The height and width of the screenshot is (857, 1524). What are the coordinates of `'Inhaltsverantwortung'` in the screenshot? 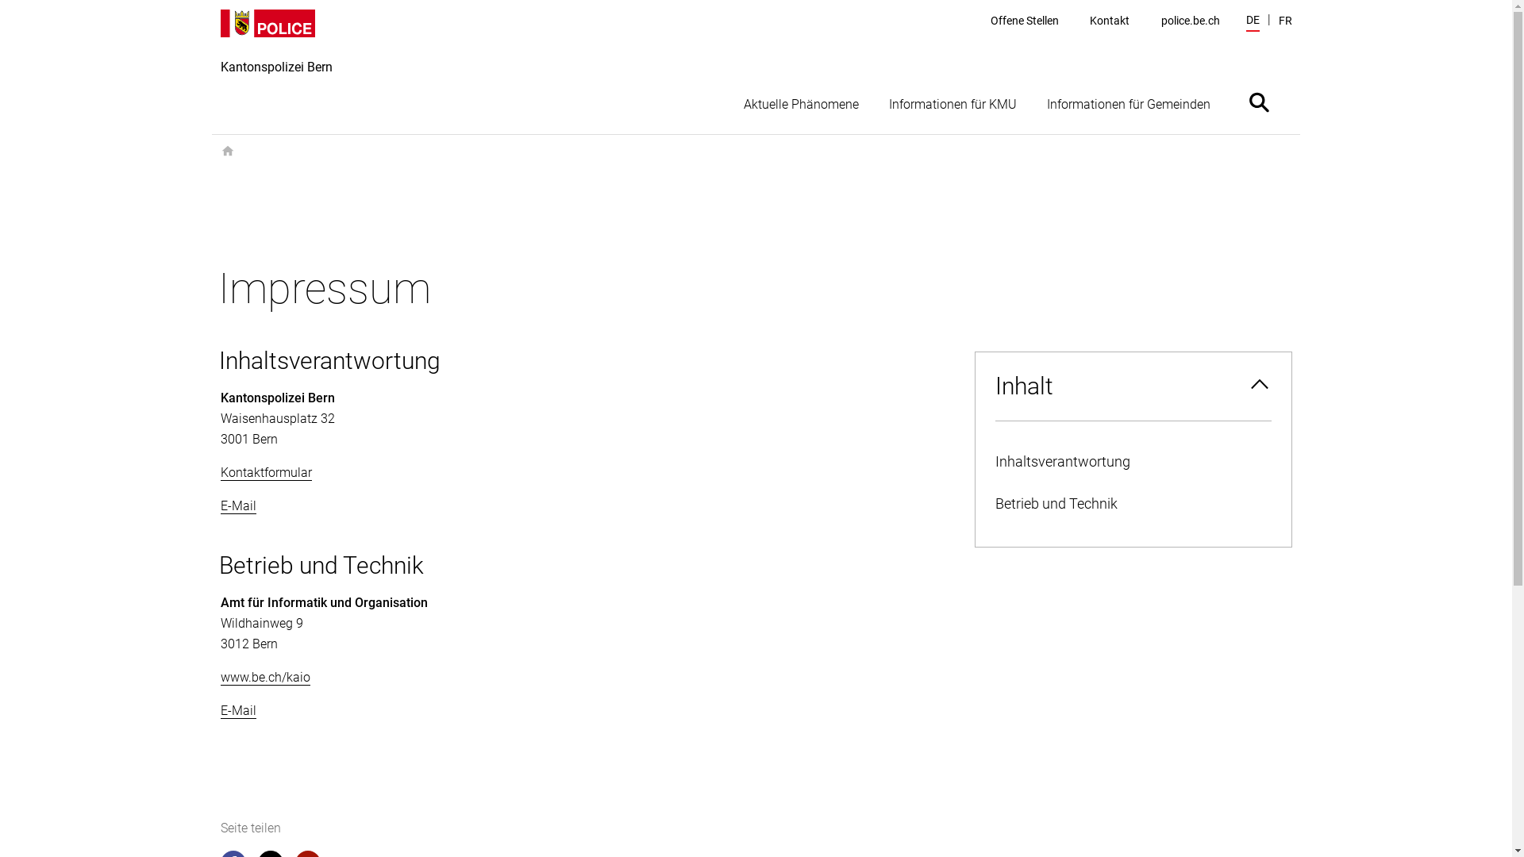 It's located at (1131, 462).